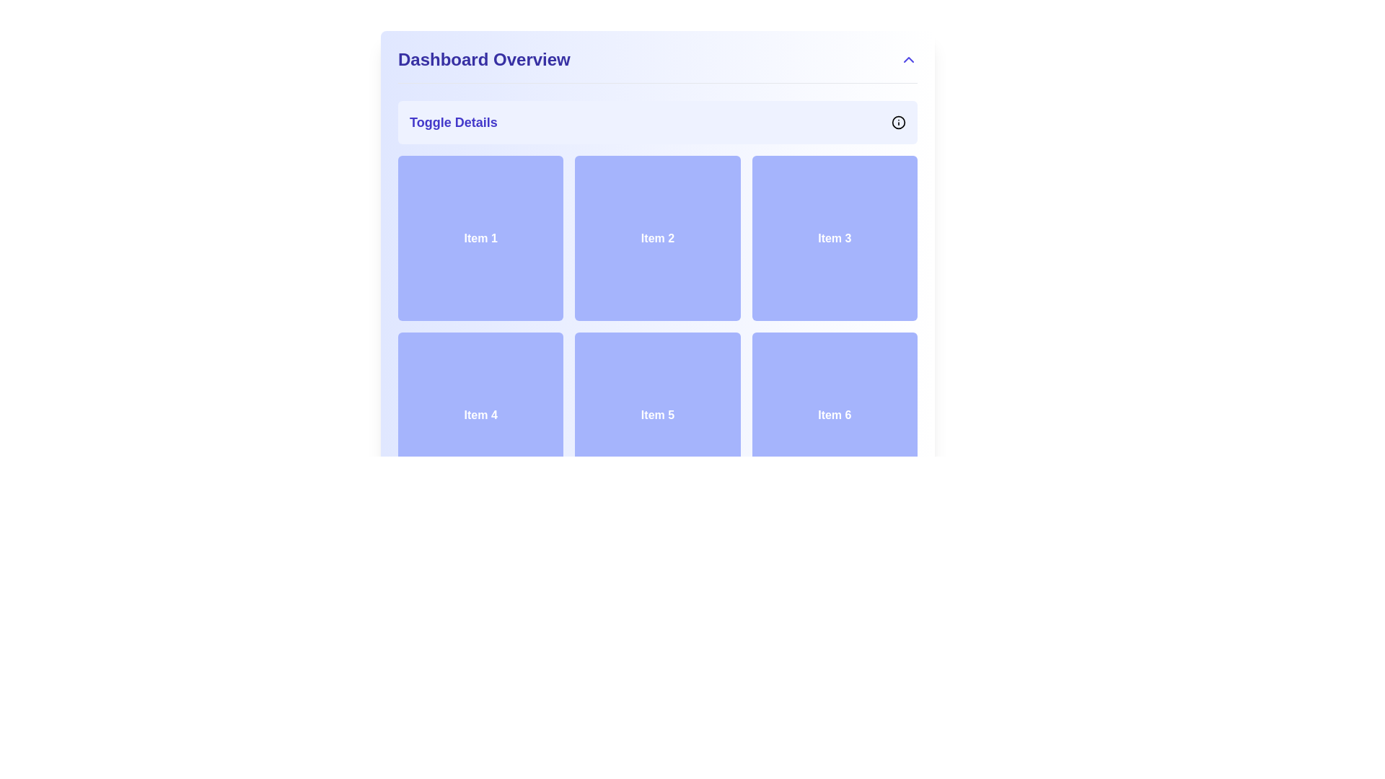 The height and width of the screenshot is (779, 1385). What do you see at coordinates (657, 415) in the screenshot?
I see `the labeled square component located in the second row, middle column of the grid, which is the fifth item in the sequence` at bounding box center [657, 415].